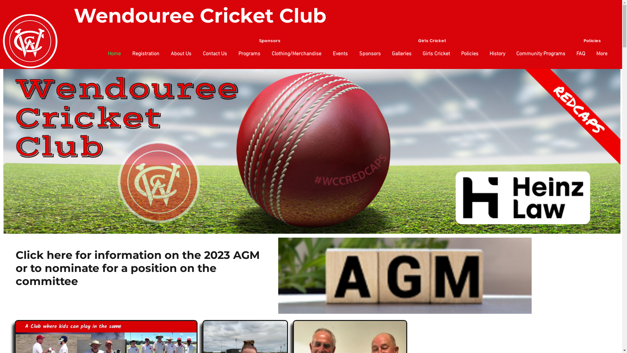  What do you see at coordinates (101, 54) in the screenshot?
I see `'Home'` at bounding box center [101, 54].